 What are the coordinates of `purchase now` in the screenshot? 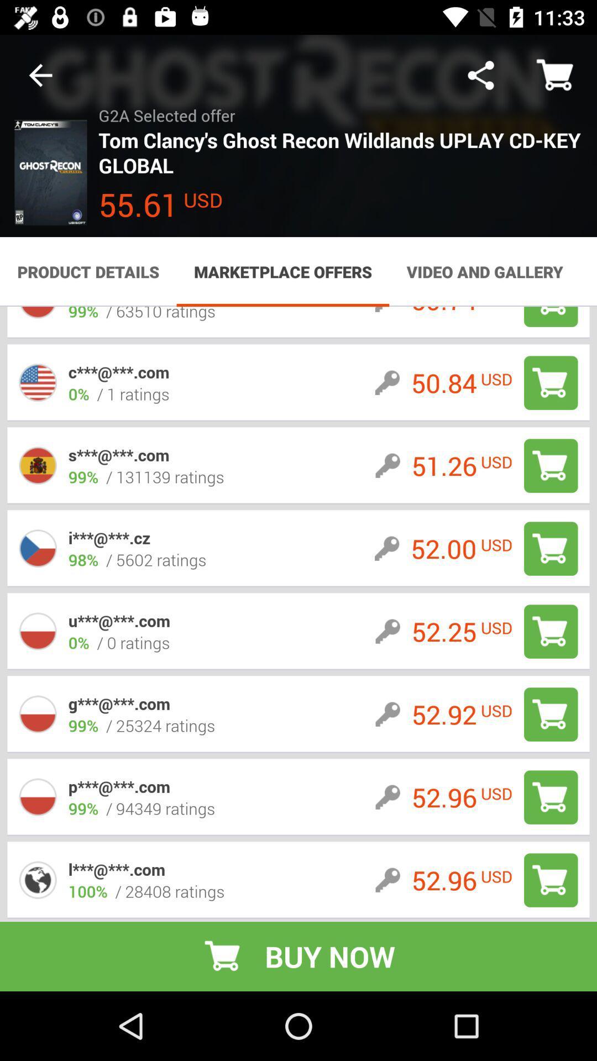 It's located at (551, 382).